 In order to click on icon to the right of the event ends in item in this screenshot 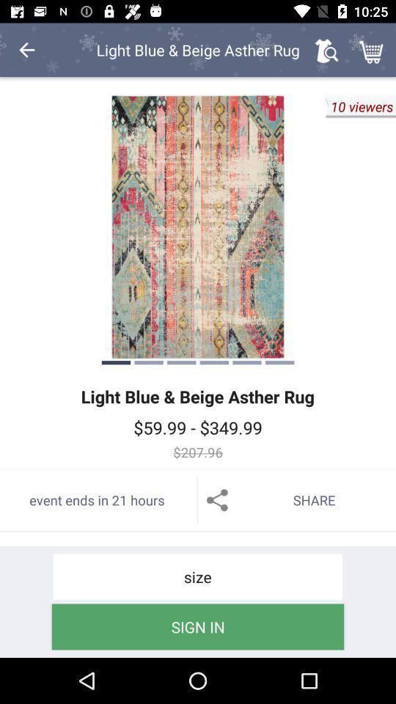, I will do `click(297, 500)`.